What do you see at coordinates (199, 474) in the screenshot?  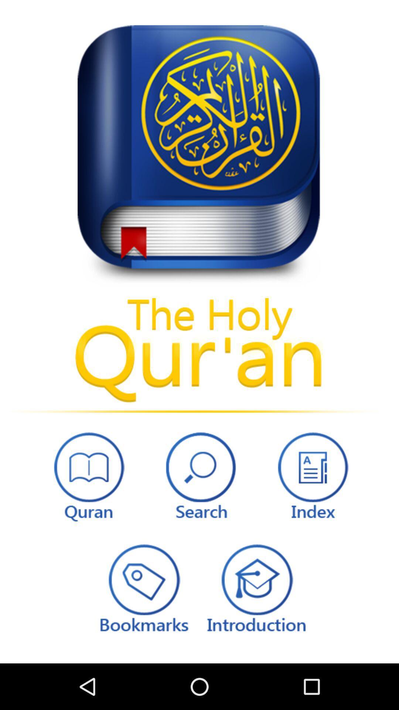 I see `search bar` at bounding box center [199, 474].